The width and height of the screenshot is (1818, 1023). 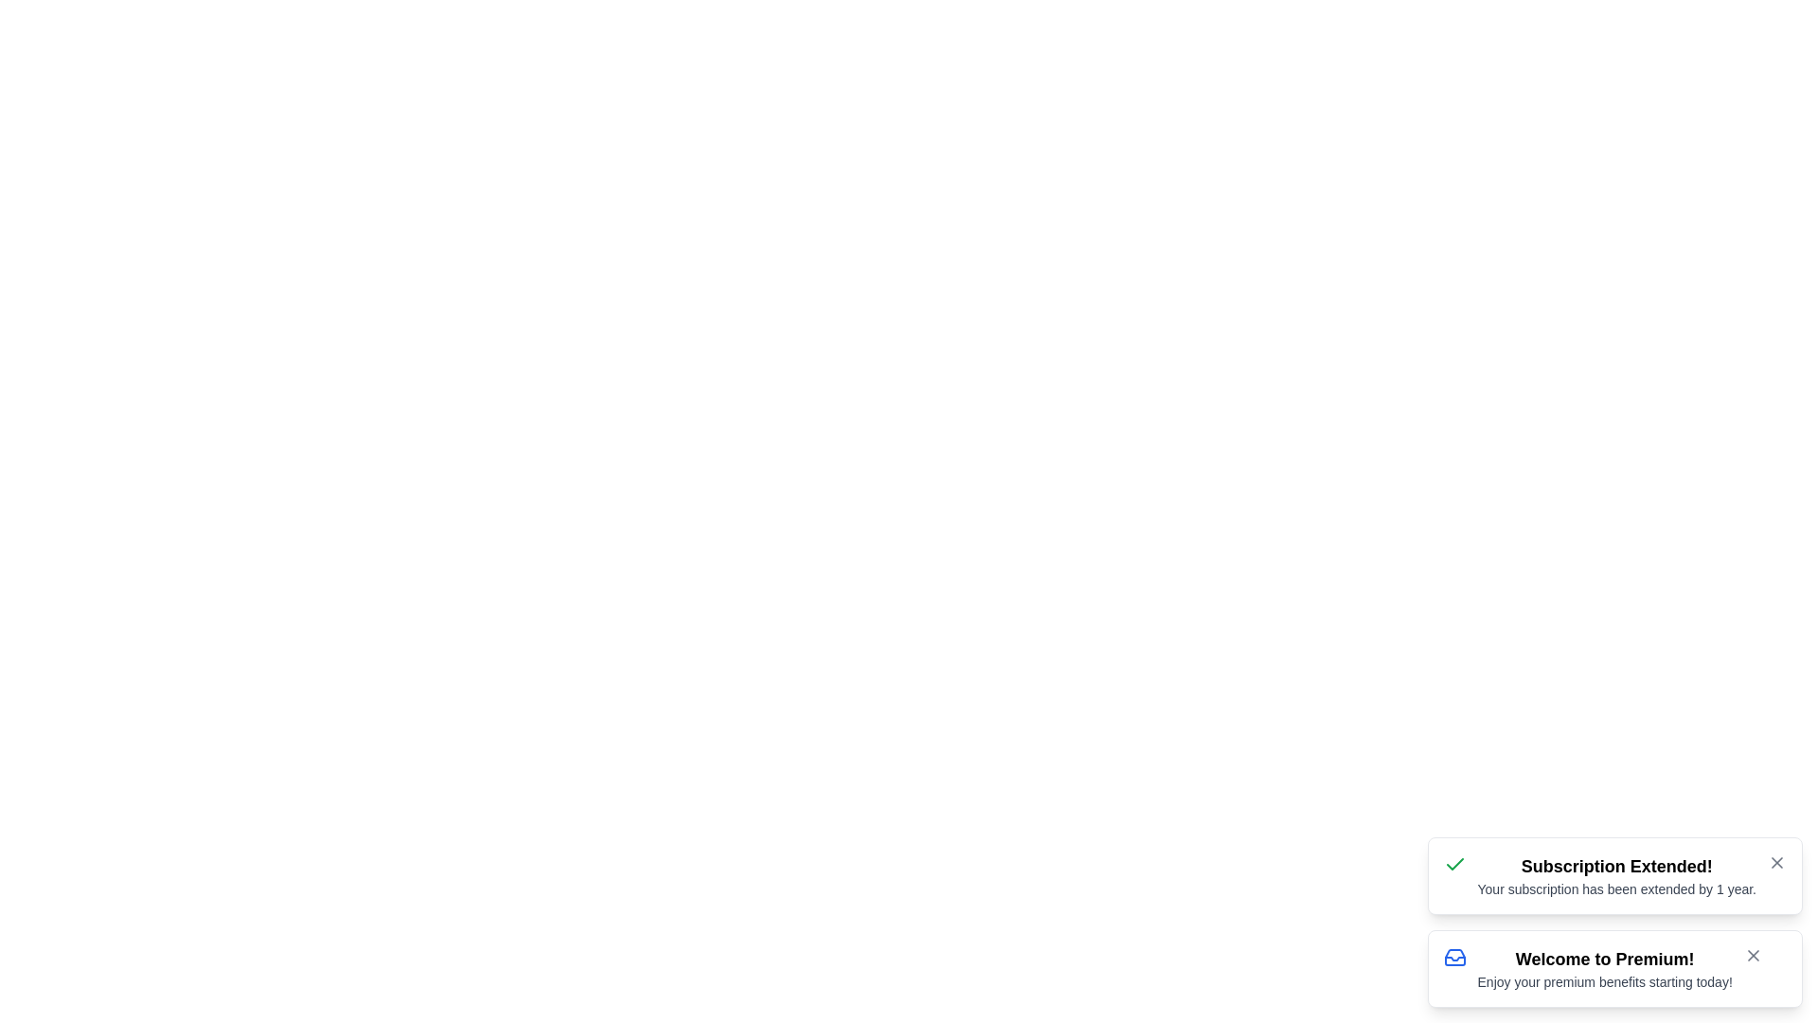 What do you see at coordinates (1613, 876) in the screenshot?
I see `the notification to view its details` at bounding box center [1613, 876].